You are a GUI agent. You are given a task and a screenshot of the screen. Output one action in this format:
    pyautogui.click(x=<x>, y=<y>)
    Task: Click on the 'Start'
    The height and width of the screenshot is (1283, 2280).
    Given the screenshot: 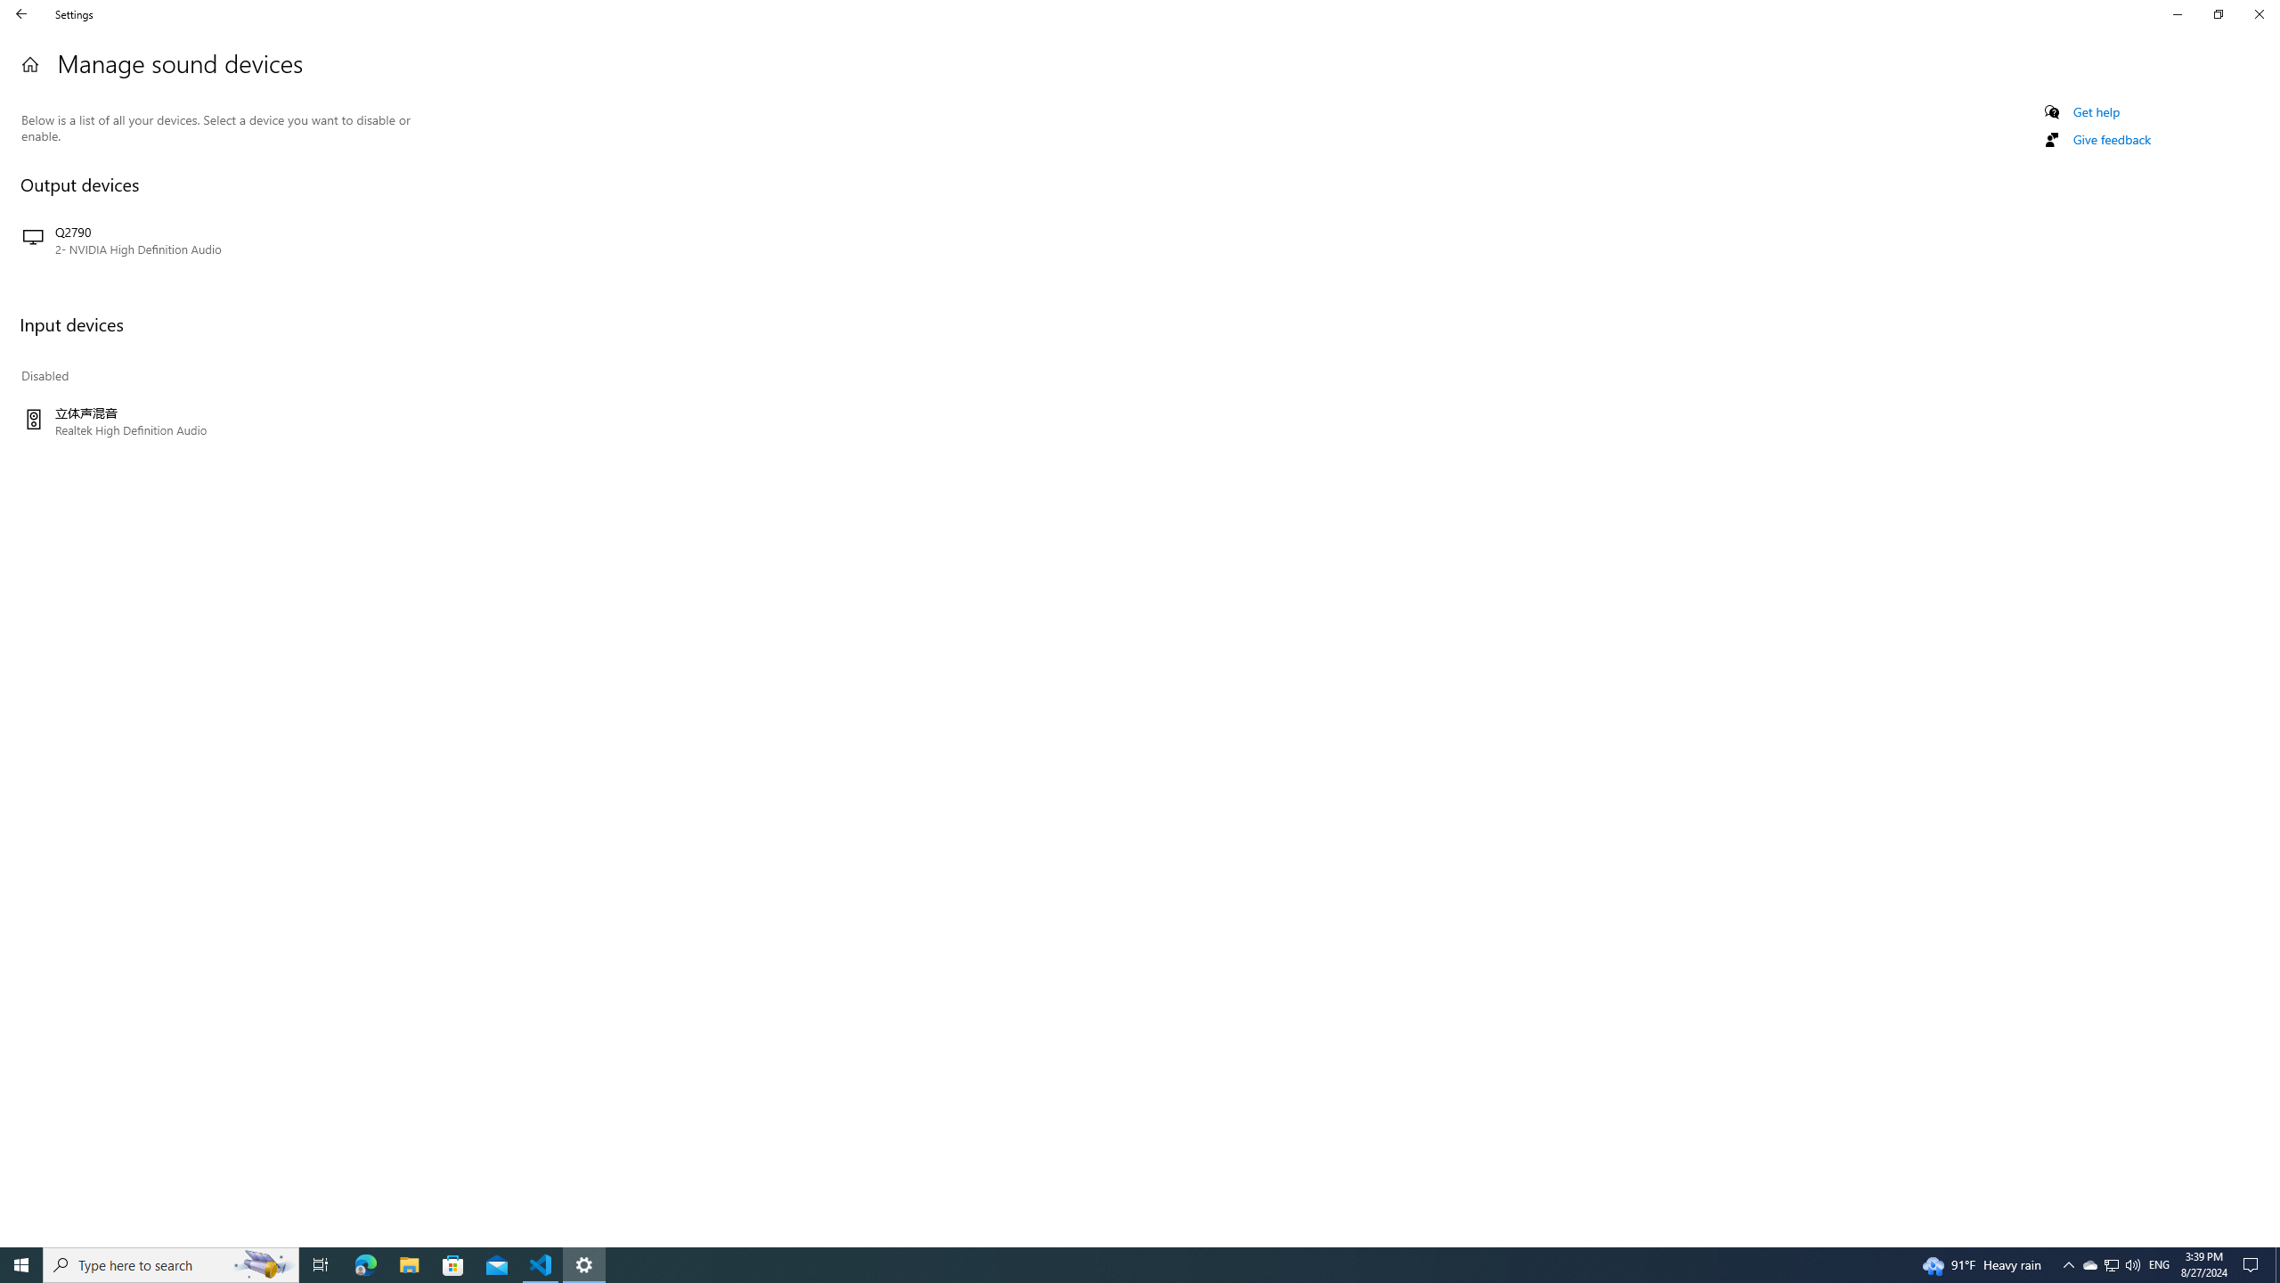 What is the action you would take?
    pyautogui.click(x=21, y=1263)
    